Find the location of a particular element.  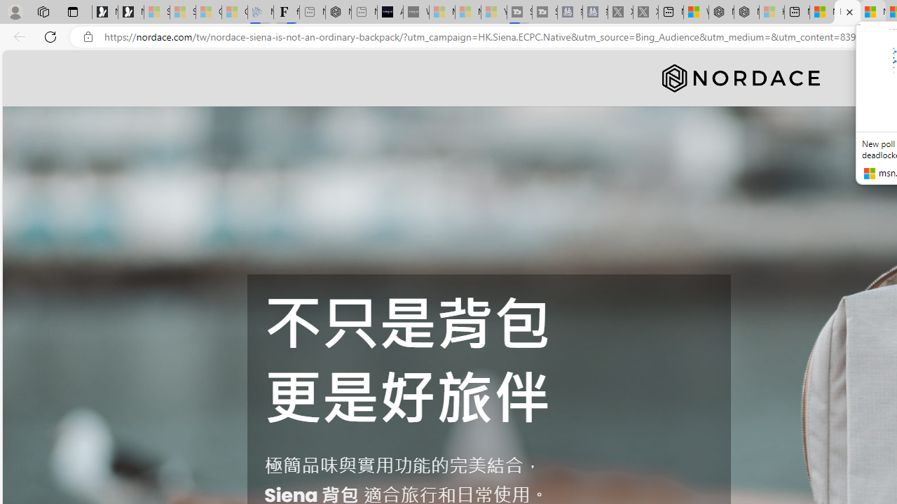

'Newsletter Sign Up' is located at coordinates (130, 12).